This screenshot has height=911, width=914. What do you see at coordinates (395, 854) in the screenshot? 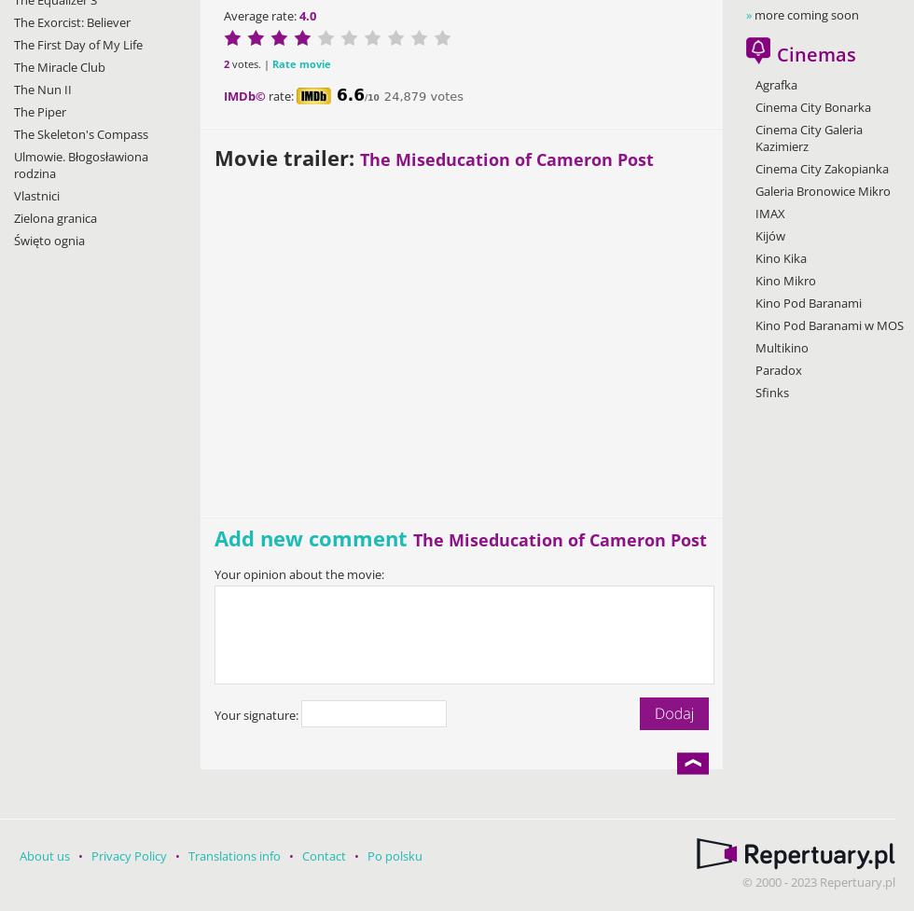
I see `'Po polsku'` at bounding box center [395, 854].